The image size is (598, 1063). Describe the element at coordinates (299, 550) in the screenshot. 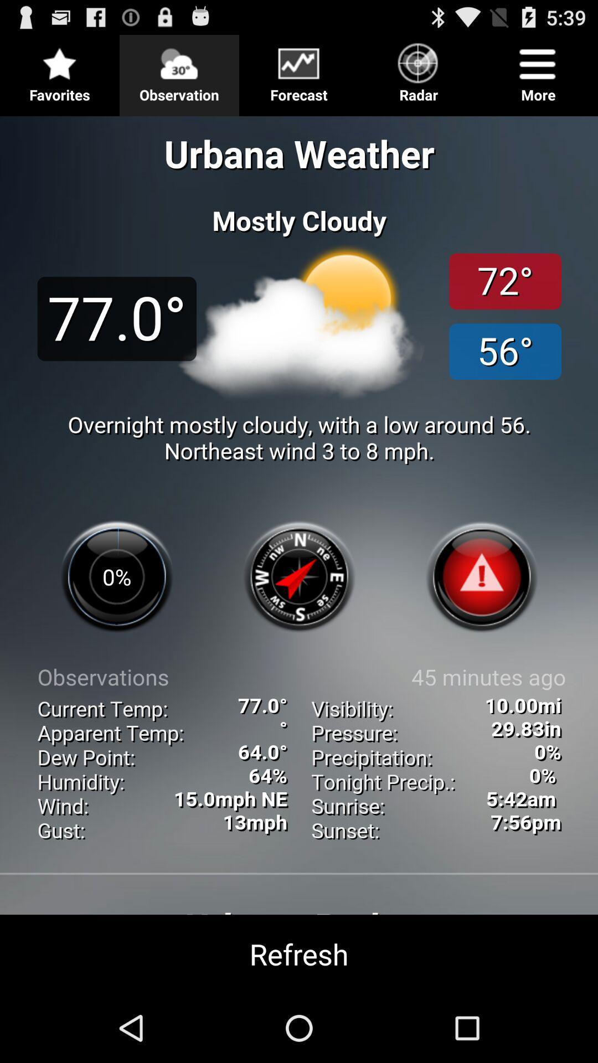

I see `view more exact info` at that location.